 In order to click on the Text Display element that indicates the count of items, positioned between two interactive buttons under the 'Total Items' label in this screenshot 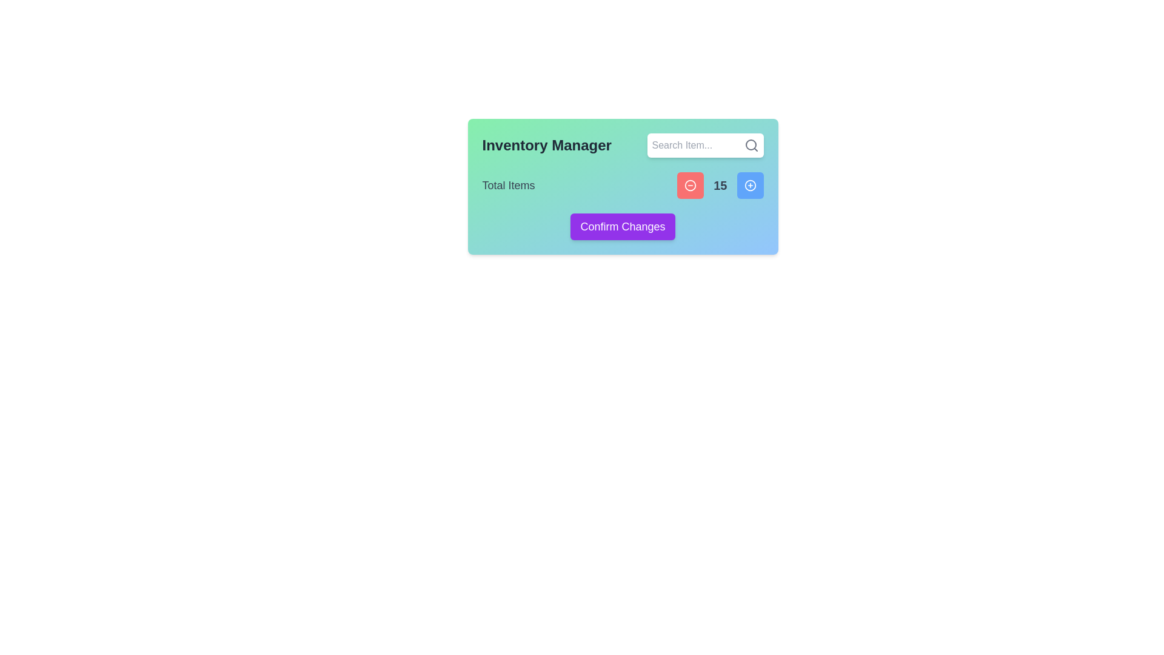, I will do `click(720, 185)`.